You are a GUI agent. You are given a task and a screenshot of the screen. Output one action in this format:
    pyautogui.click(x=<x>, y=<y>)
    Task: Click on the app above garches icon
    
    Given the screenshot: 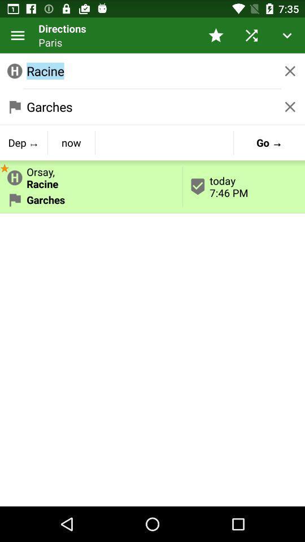 What is the action you would take?
    pyautogui.click(x=4, y=167)
    